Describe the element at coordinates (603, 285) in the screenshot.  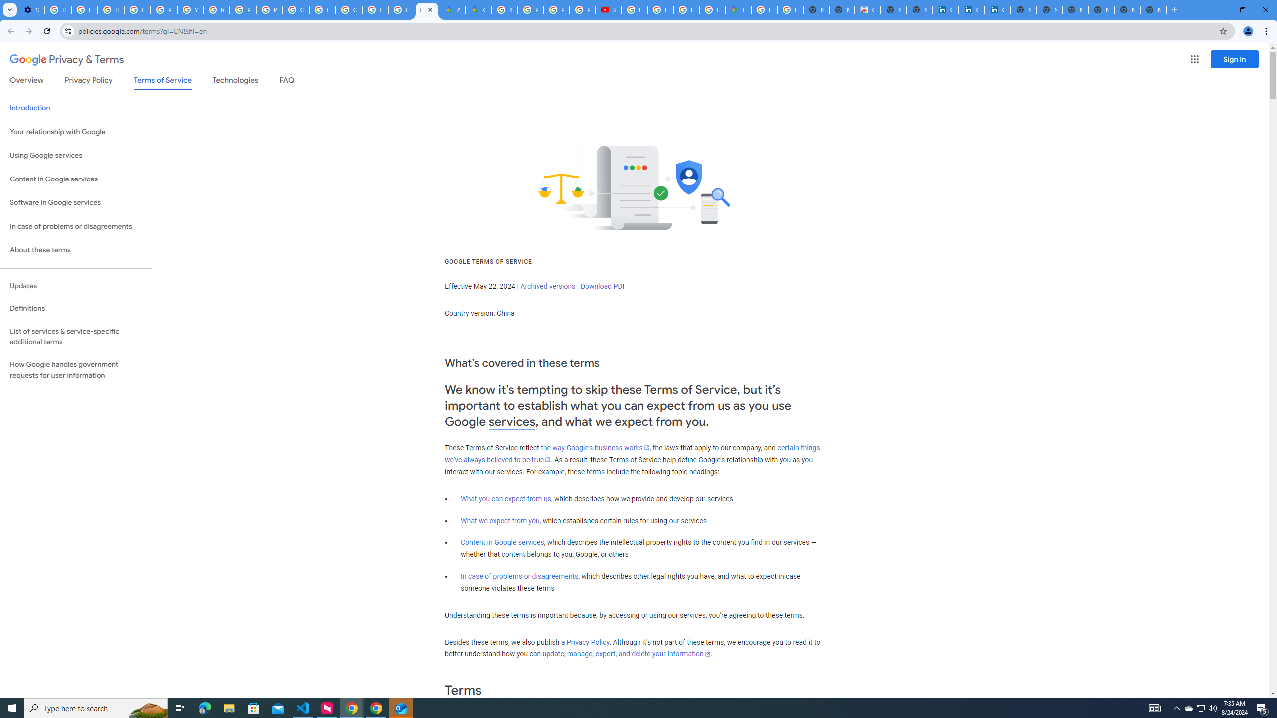
I see `'Download PDF'` at that location.